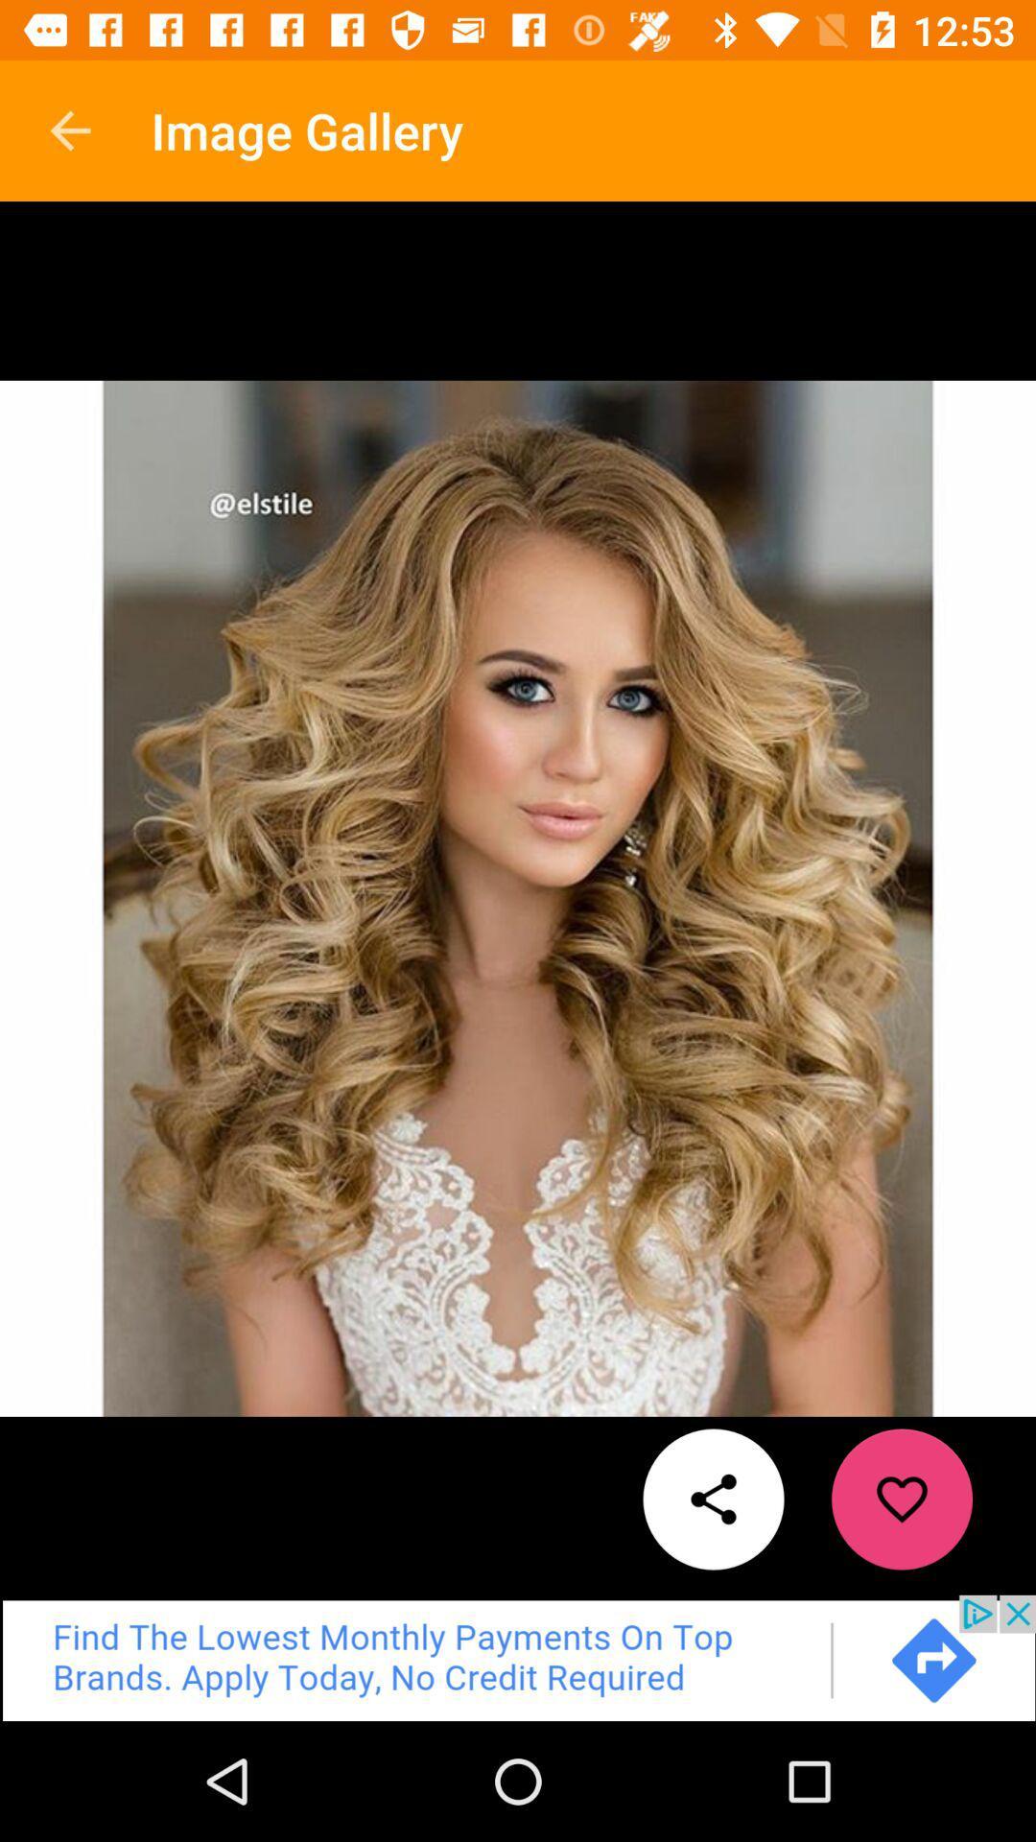 This screenshot has height=1842, width=1036. I want to click on share, so click(714, 1499).